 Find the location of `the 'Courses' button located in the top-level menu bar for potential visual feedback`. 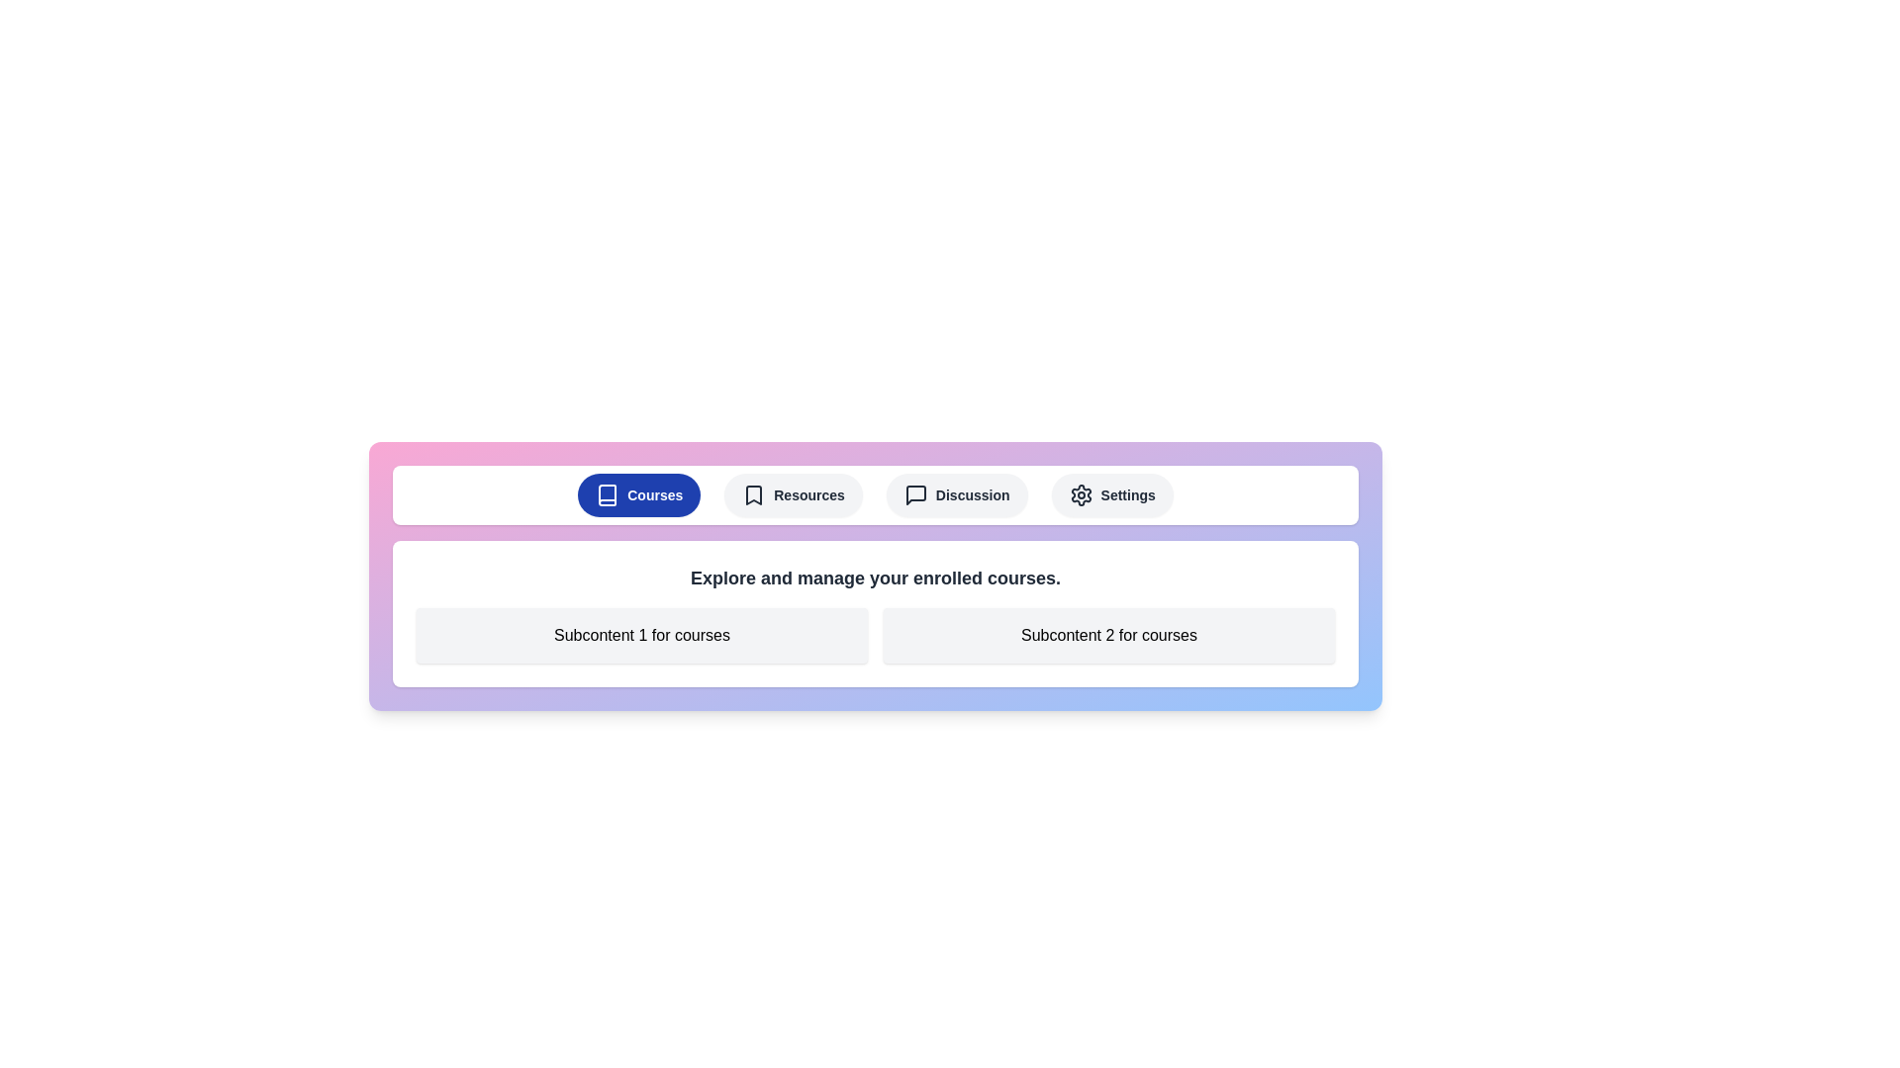

the 'Courses' button located in the top-level menu bar for potential visual feedback is located at coordinates (639, 494).